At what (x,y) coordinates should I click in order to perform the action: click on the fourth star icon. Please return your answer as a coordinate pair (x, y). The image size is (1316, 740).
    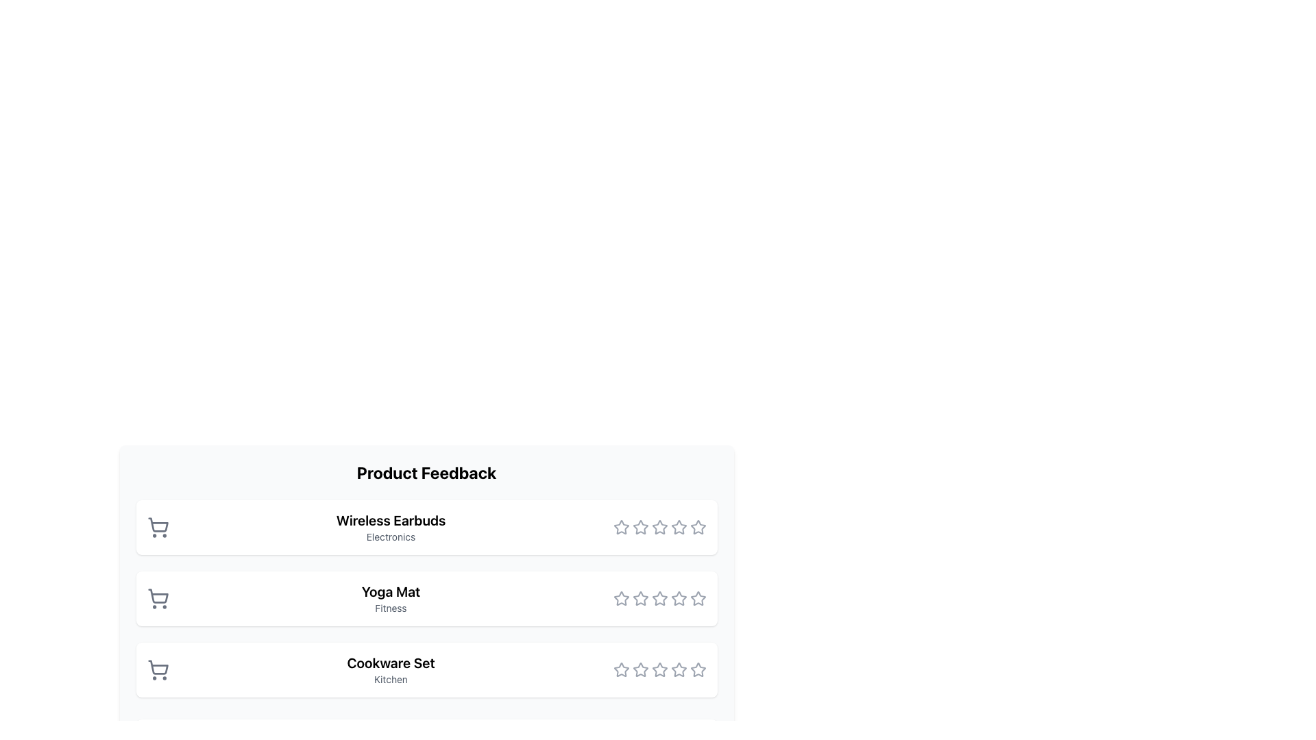
    Looking at the image, I should click on (678, 526).